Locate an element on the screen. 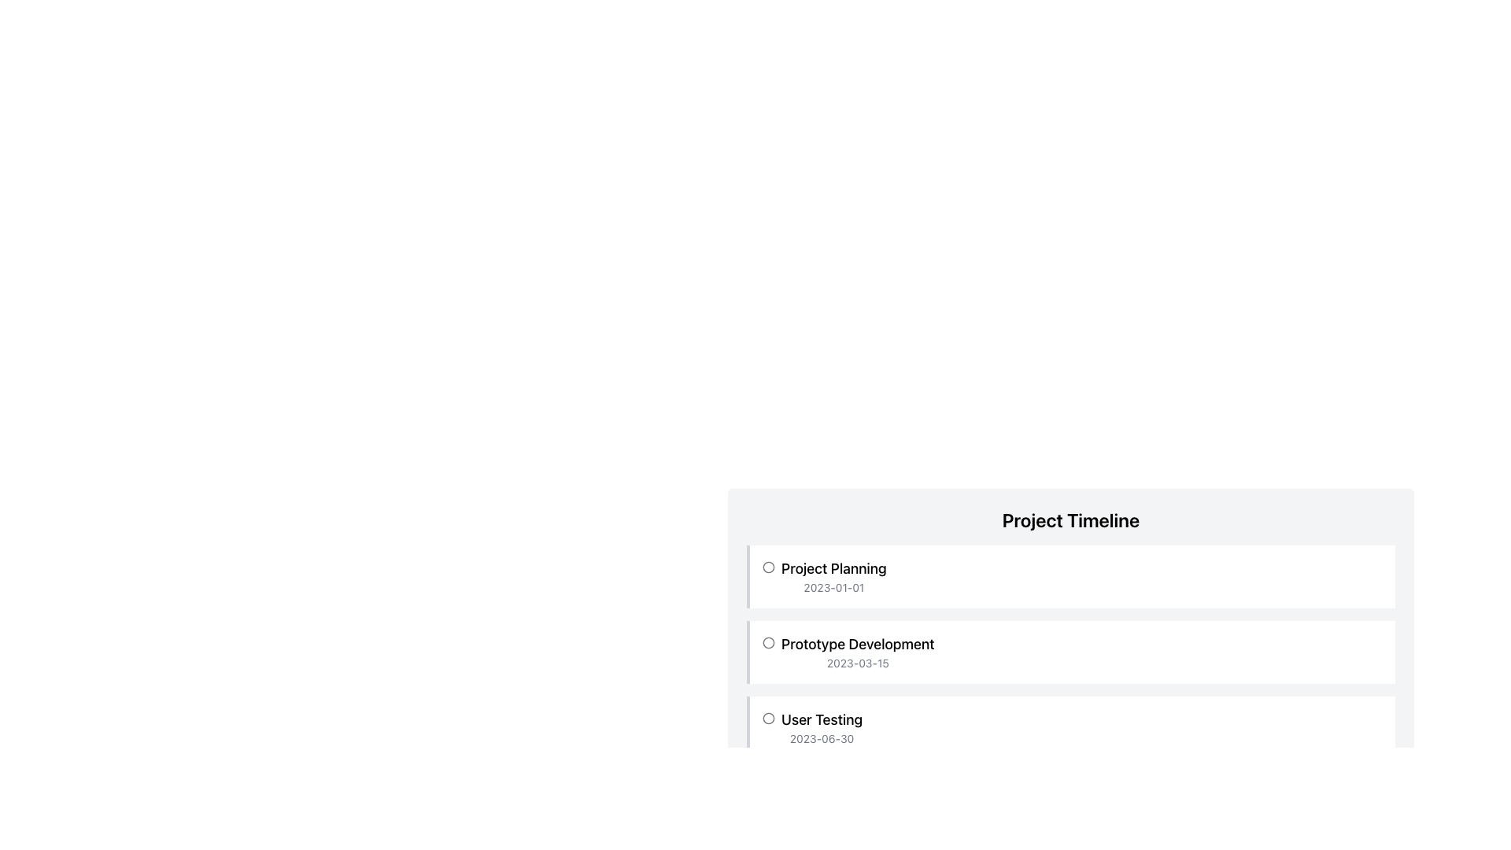 Image resolution: width=1511 pixels, height=850 pixels. the icon located to the left of the 'Prototype Development' text in the second row of the list is located at coordinates (769, 643).